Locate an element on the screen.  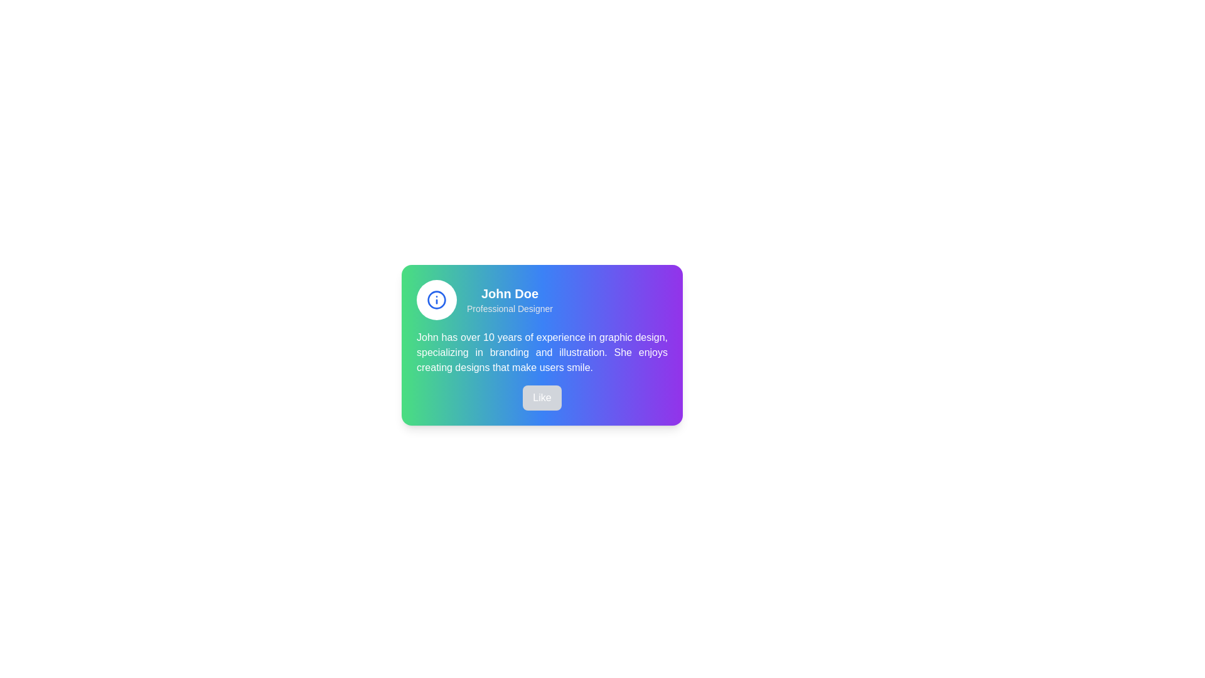
text content located in the biography section of the profile card, positioned below 'John Doe' and 'Professional Designer', and above the 'Like' button is located at coordinates (542, 353).